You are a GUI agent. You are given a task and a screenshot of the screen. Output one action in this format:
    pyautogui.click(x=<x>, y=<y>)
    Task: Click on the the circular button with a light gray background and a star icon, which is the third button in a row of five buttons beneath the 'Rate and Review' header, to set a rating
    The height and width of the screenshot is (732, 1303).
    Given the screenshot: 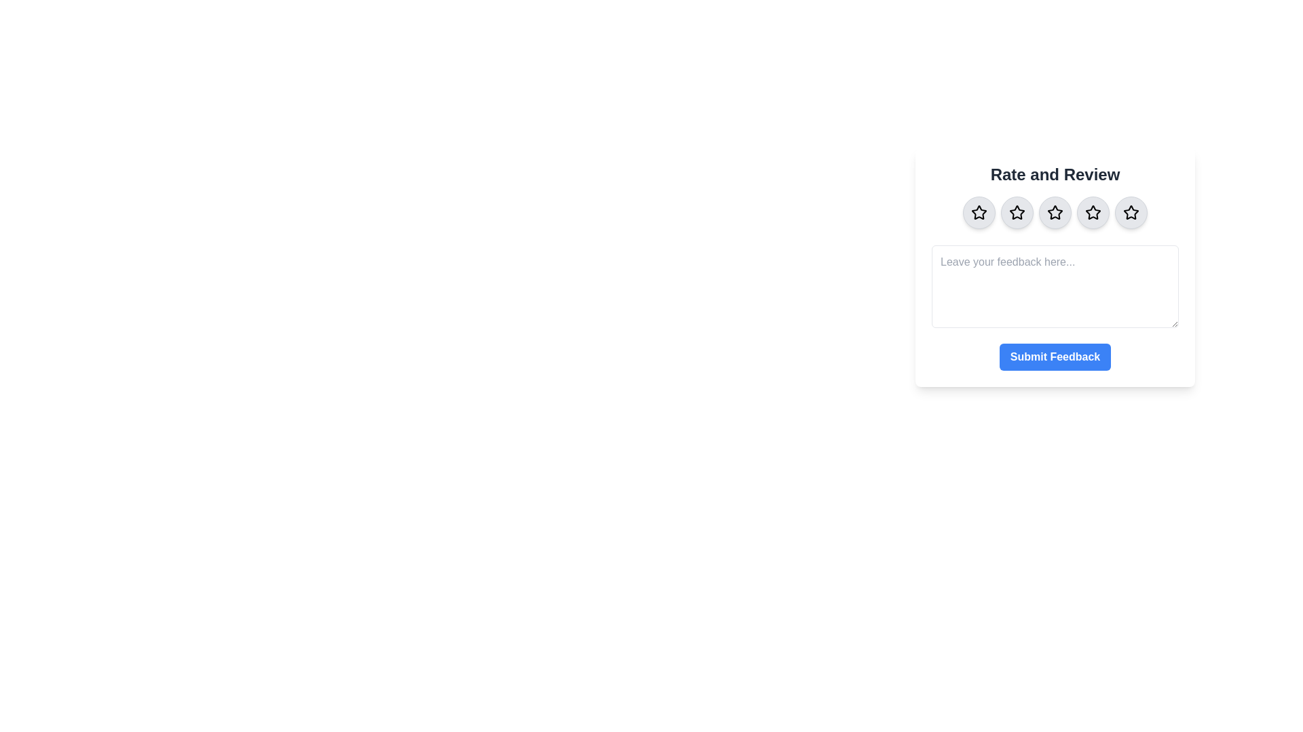 What is the action you would take?
    pyautogui.click(x=1055, y=212)
    